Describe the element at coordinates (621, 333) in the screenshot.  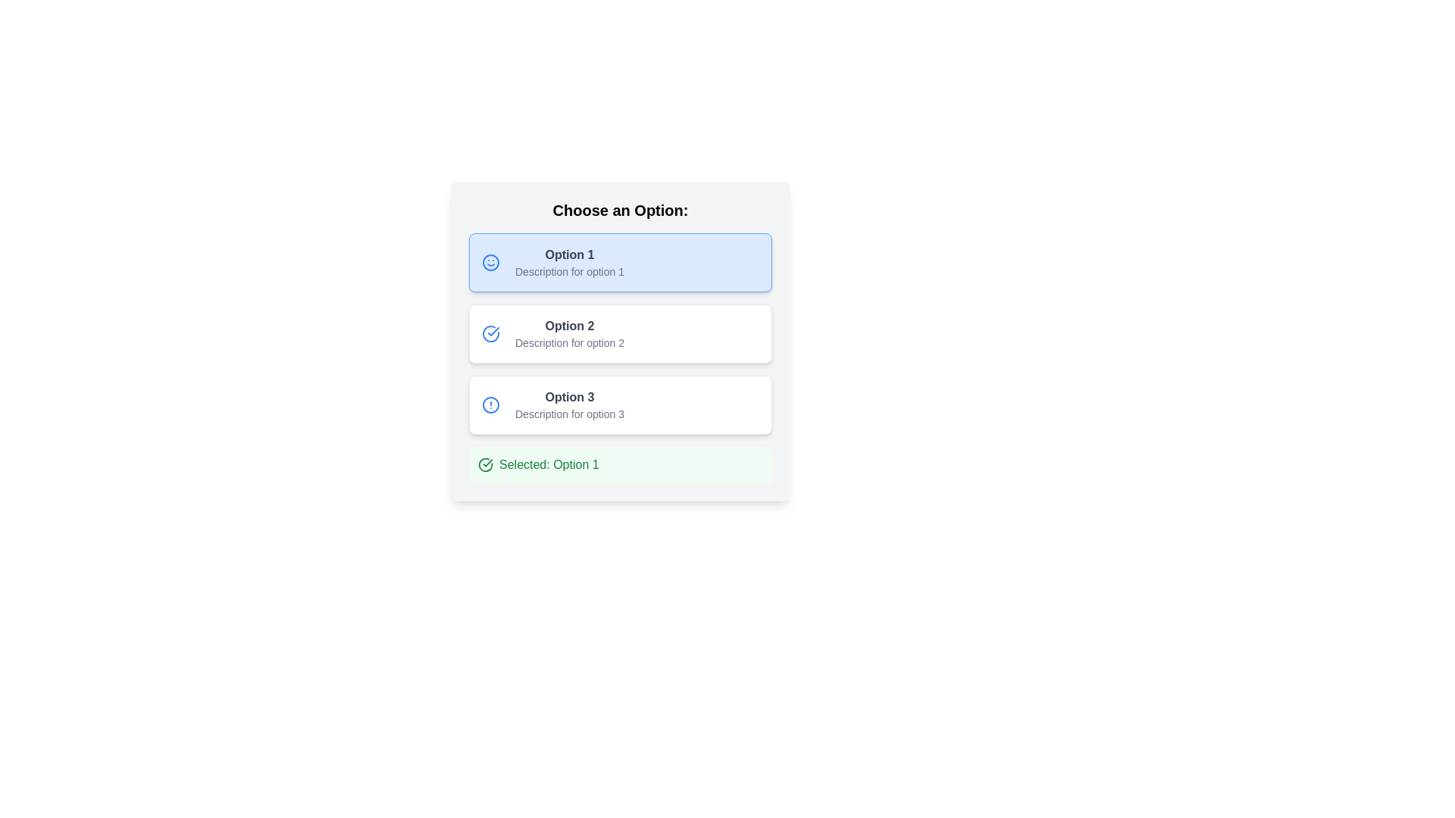
I see `the second option item in the selection menu, which features a blue checkmark icon and the text 'Option 2'` at that location.